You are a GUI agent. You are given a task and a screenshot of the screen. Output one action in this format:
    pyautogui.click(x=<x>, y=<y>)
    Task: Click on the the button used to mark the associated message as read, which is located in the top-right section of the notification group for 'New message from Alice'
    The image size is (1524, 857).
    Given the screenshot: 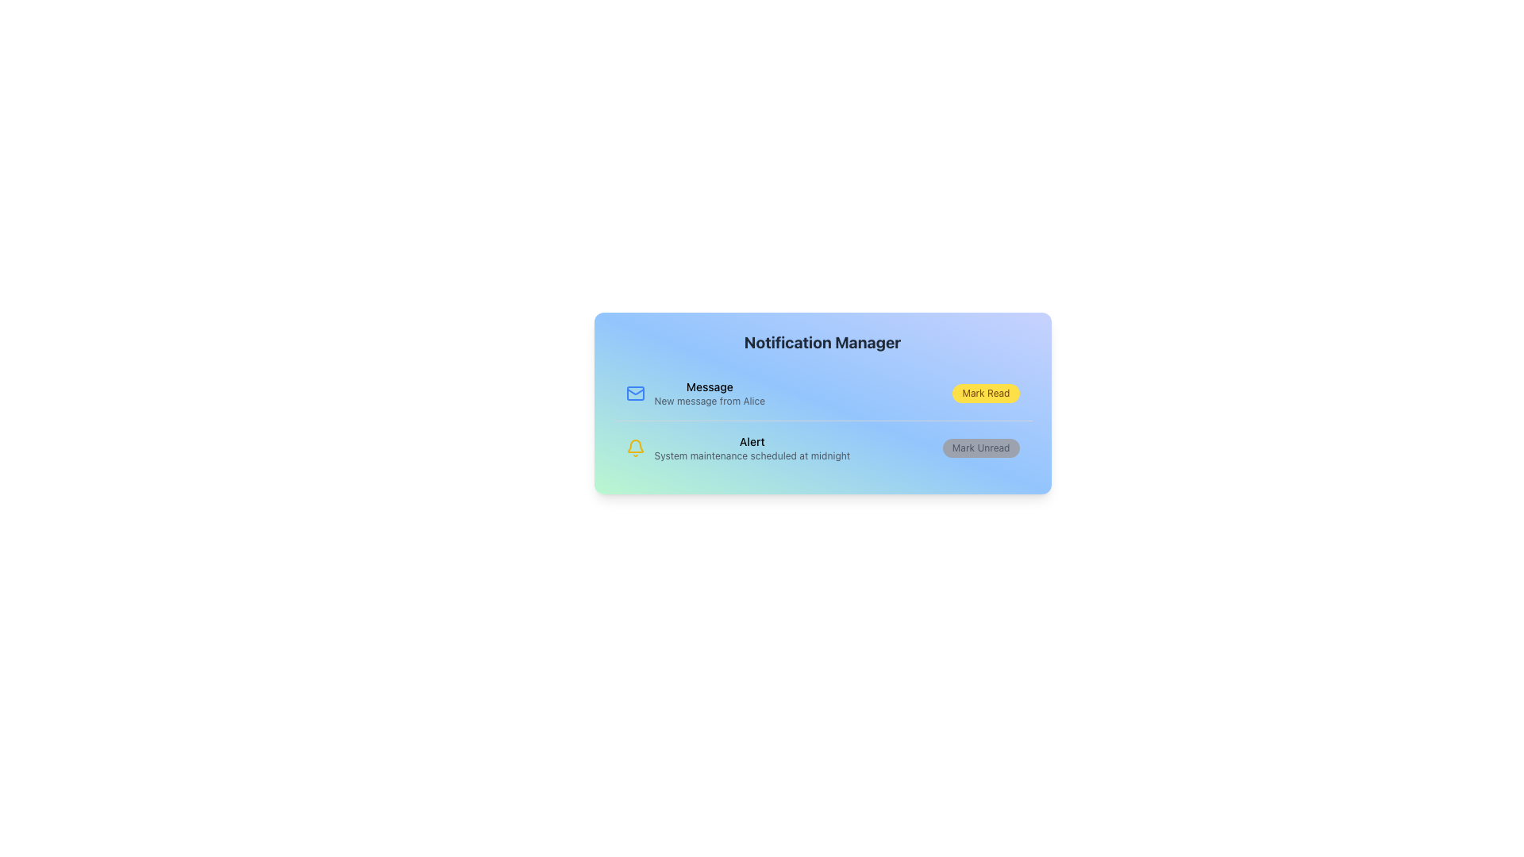 What is the action you would take?
    pyautogui.click(x=985, y=393)
    